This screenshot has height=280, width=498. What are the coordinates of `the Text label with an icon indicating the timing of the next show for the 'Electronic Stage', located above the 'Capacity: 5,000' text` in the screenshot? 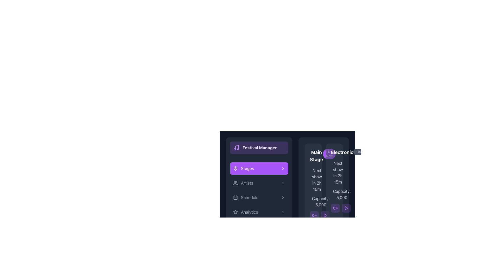 It's located at (334, 173).